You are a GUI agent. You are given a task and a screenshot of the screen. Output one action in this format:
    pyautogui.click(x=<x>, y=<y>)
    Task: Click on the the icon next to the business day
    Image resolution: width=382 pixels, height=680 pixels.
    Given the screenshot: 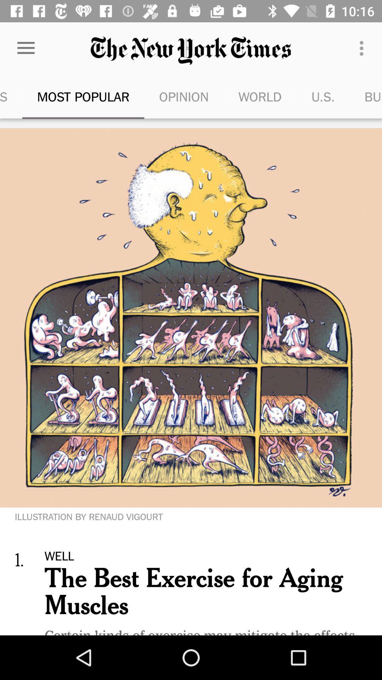 What is the action you would take?
    pyautogui.click(x=323, y=96)
    